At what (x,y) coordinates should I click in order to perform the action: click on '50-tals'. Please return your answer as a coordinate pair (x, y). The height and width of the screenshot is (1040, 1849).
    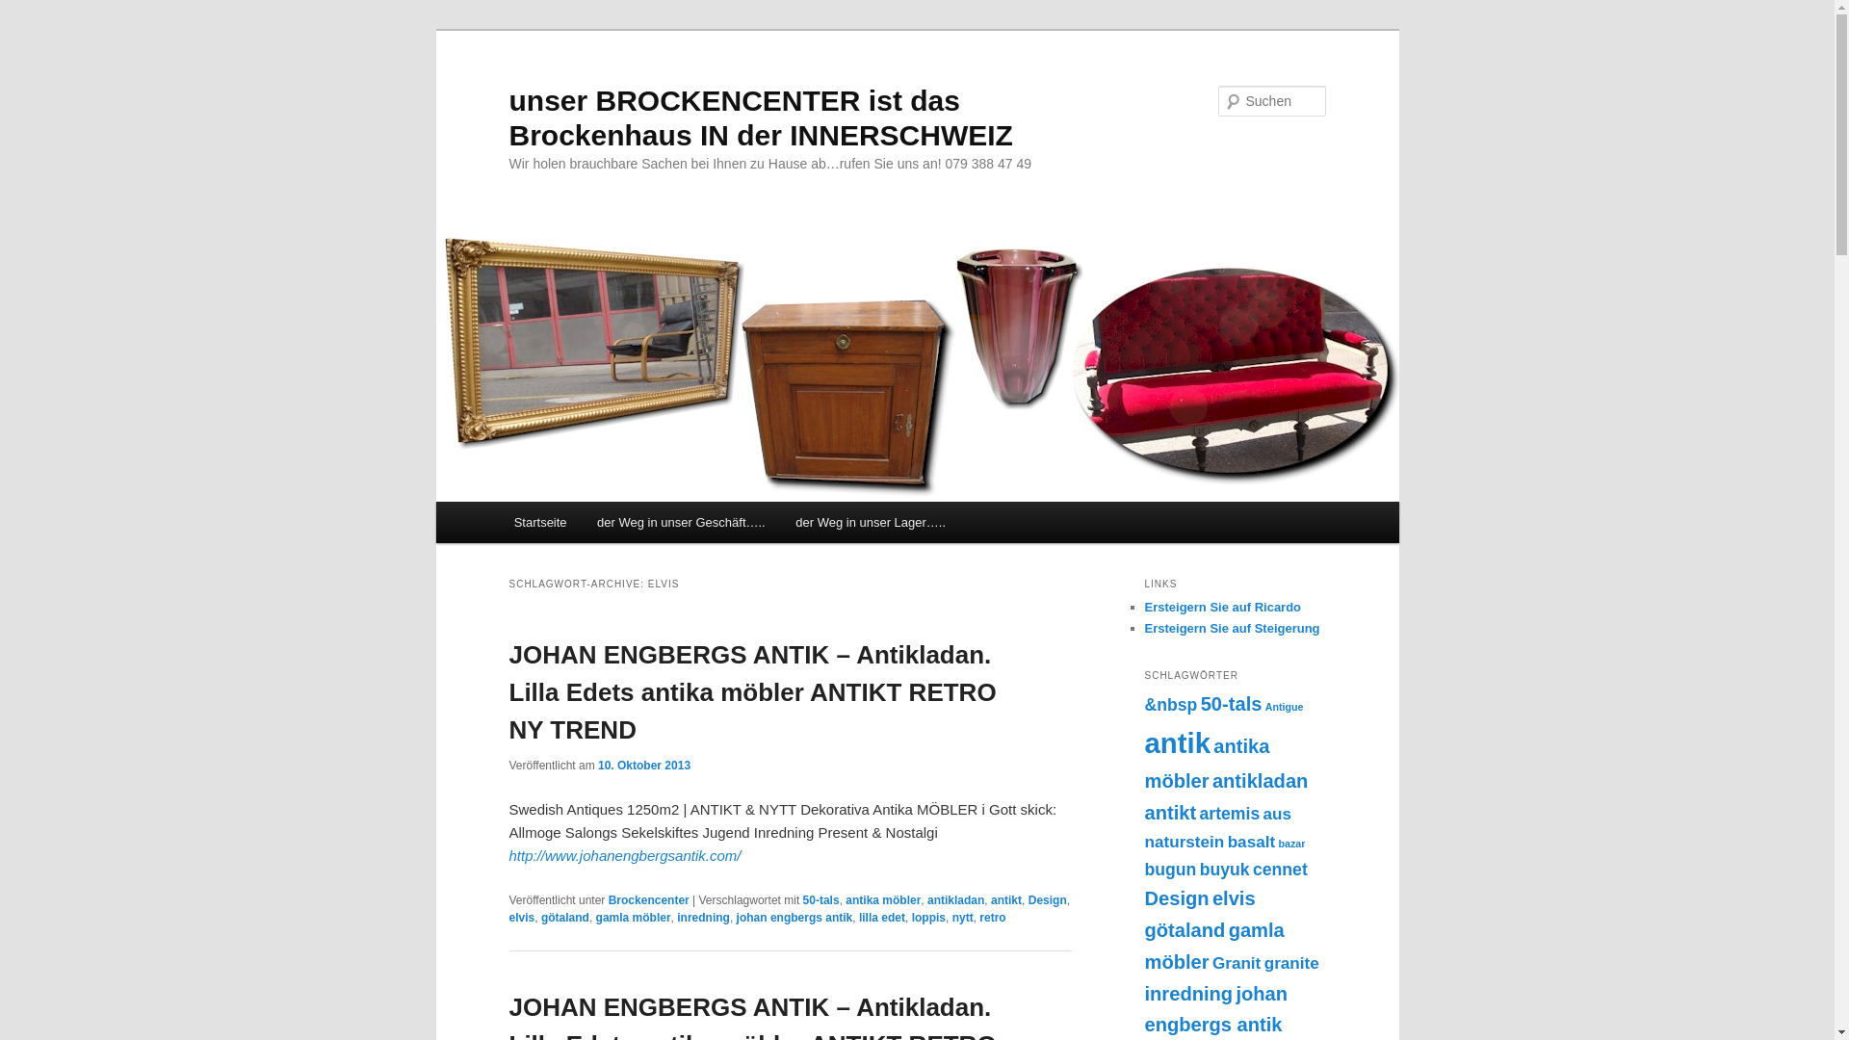
    Looking at the image, I should click on (1230, 704).